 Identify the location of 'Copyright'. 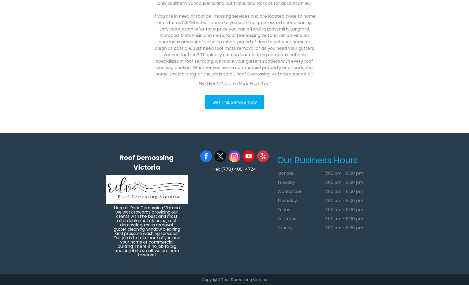
(211, 279).